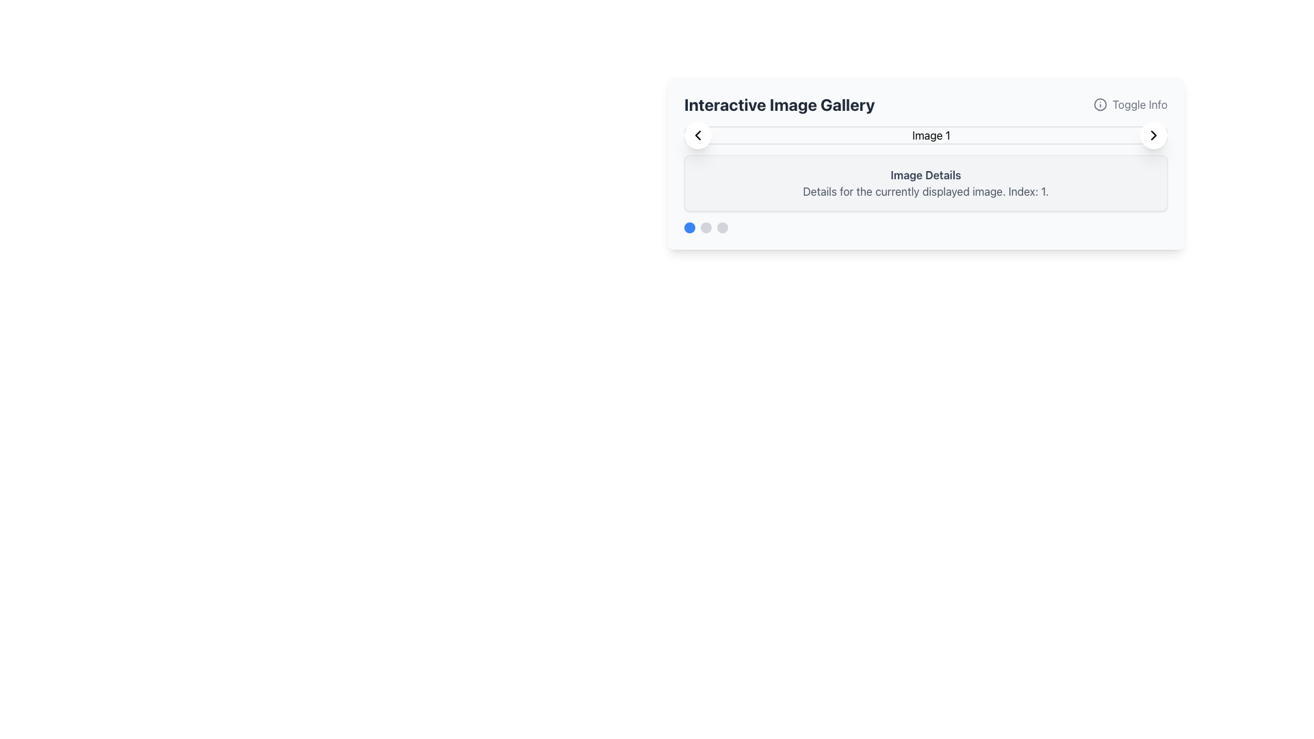  What do you see at coordinates (1100, 104) in the screenshot?
I see `the information toggle icon located at the top-right corner of the interface, before the 'Toggle Info' text` at bounding box center [1100, 104].